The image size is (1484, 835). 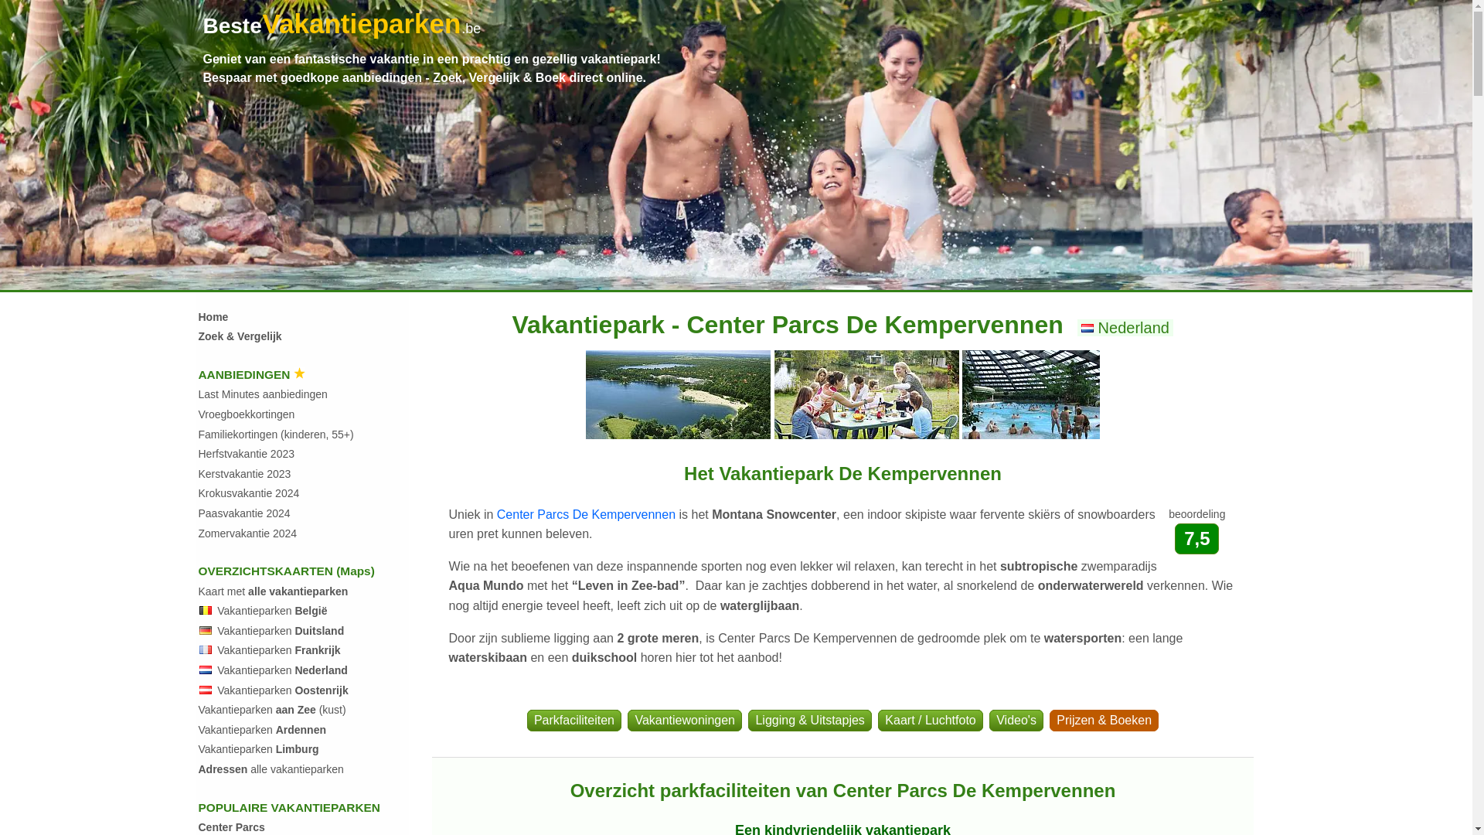 What do you see at coordinates (278, 649) in the screenshot?
I see `'Vakantieparken Frankrijk'` at bounding box center [278, 649].